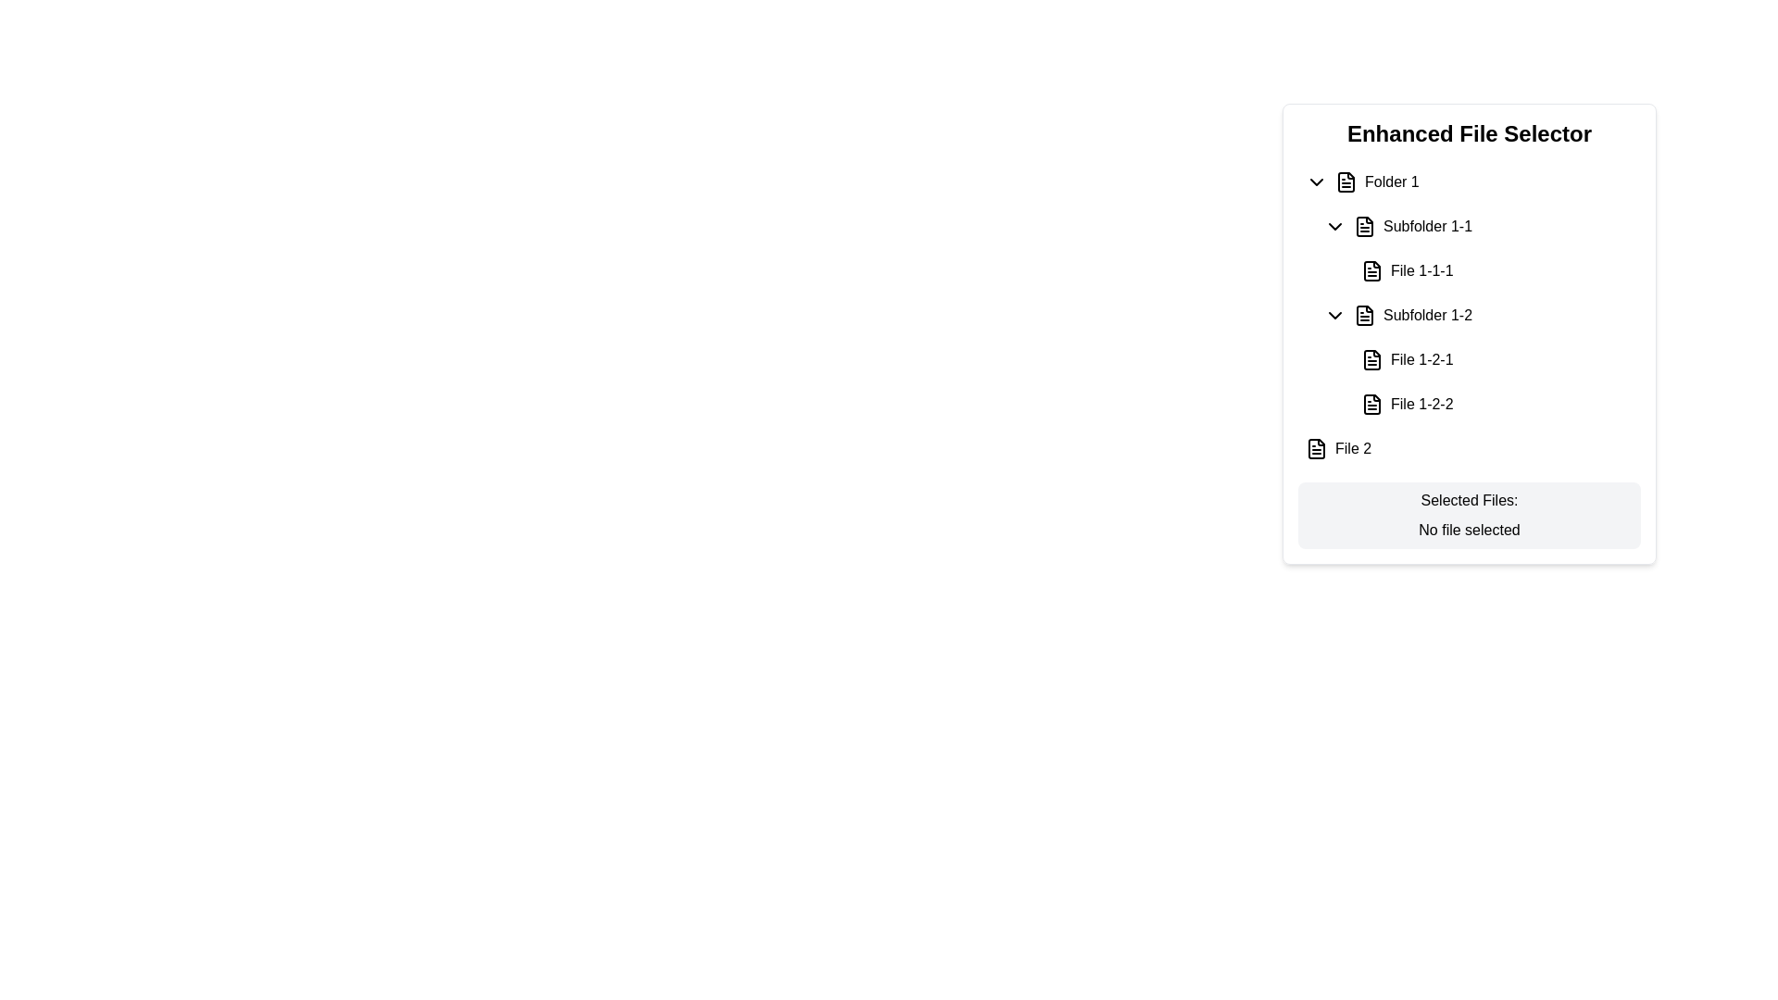 The height and width of the screenshot is (1000, 1778). Describe the element at coordinates (1334, 226) in the screenshot. I see `the expand/collapse toggle button located to the left of the 'Subfolder 1-1' label` at that location.